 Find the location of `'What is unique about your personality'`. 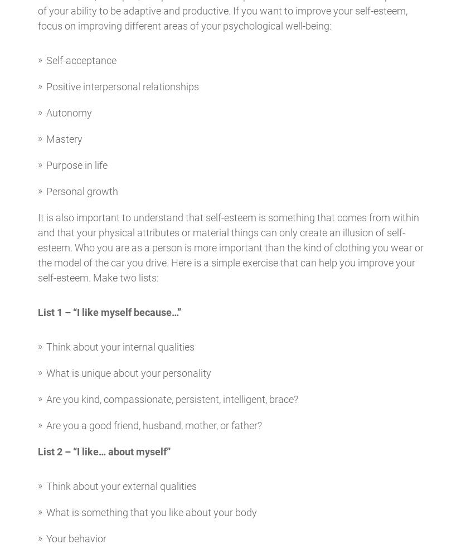

'What is unique about your personality' is located at coordinates (128, 373).